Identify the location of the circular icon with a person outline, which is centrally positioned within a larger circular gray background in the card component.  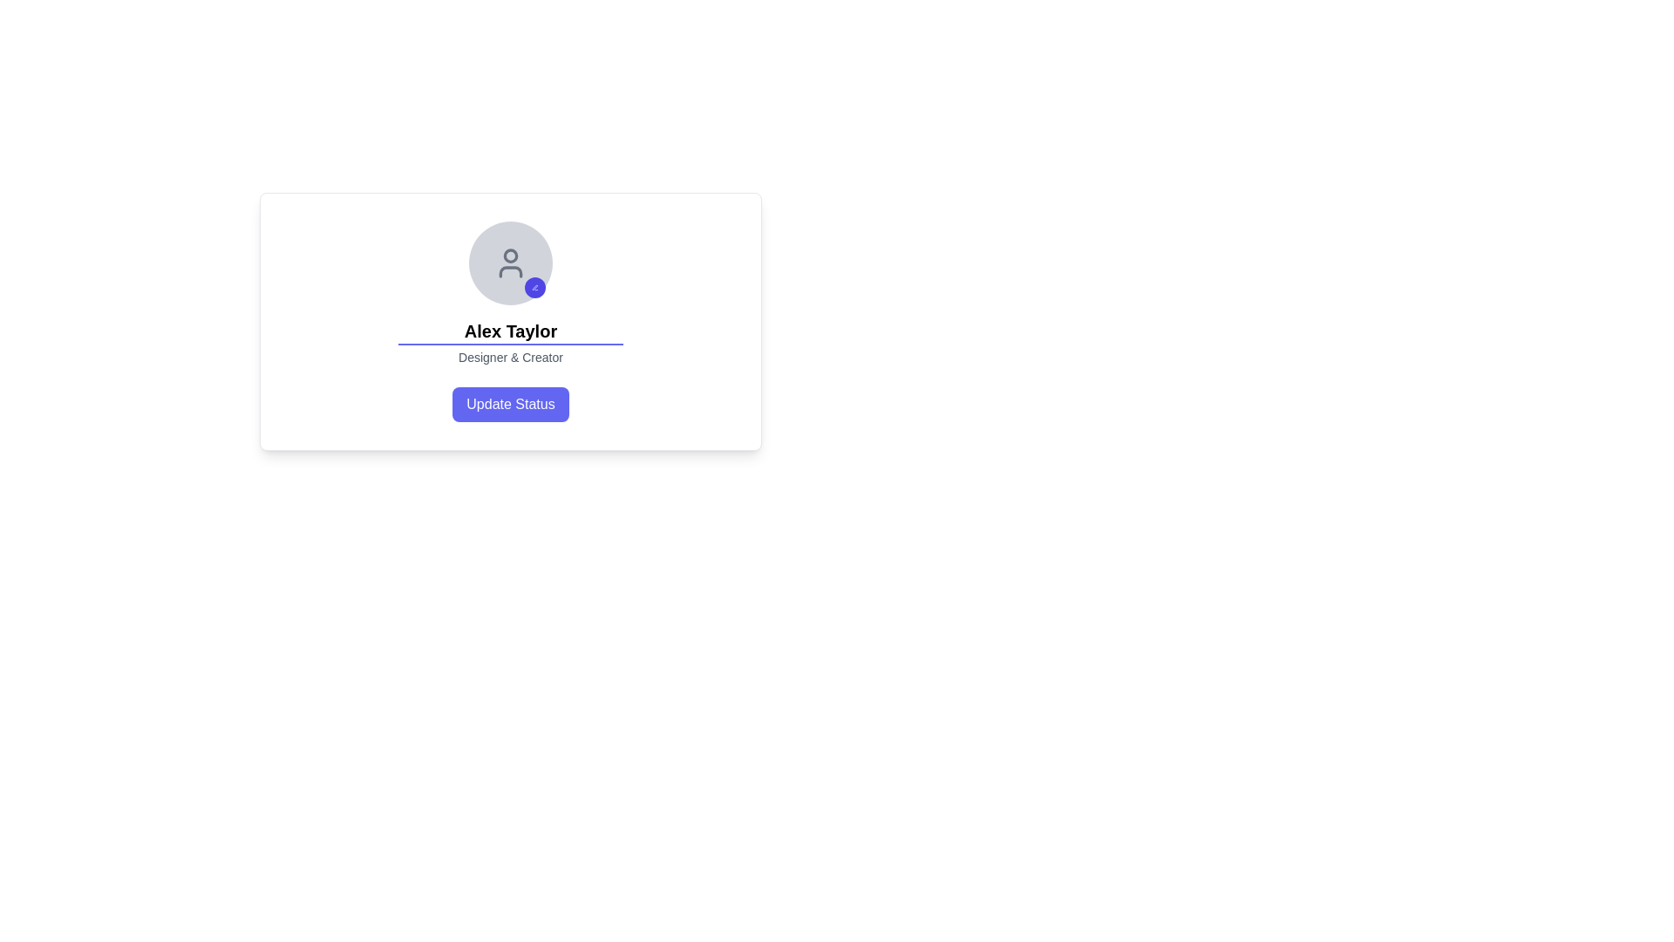
(509, 263).